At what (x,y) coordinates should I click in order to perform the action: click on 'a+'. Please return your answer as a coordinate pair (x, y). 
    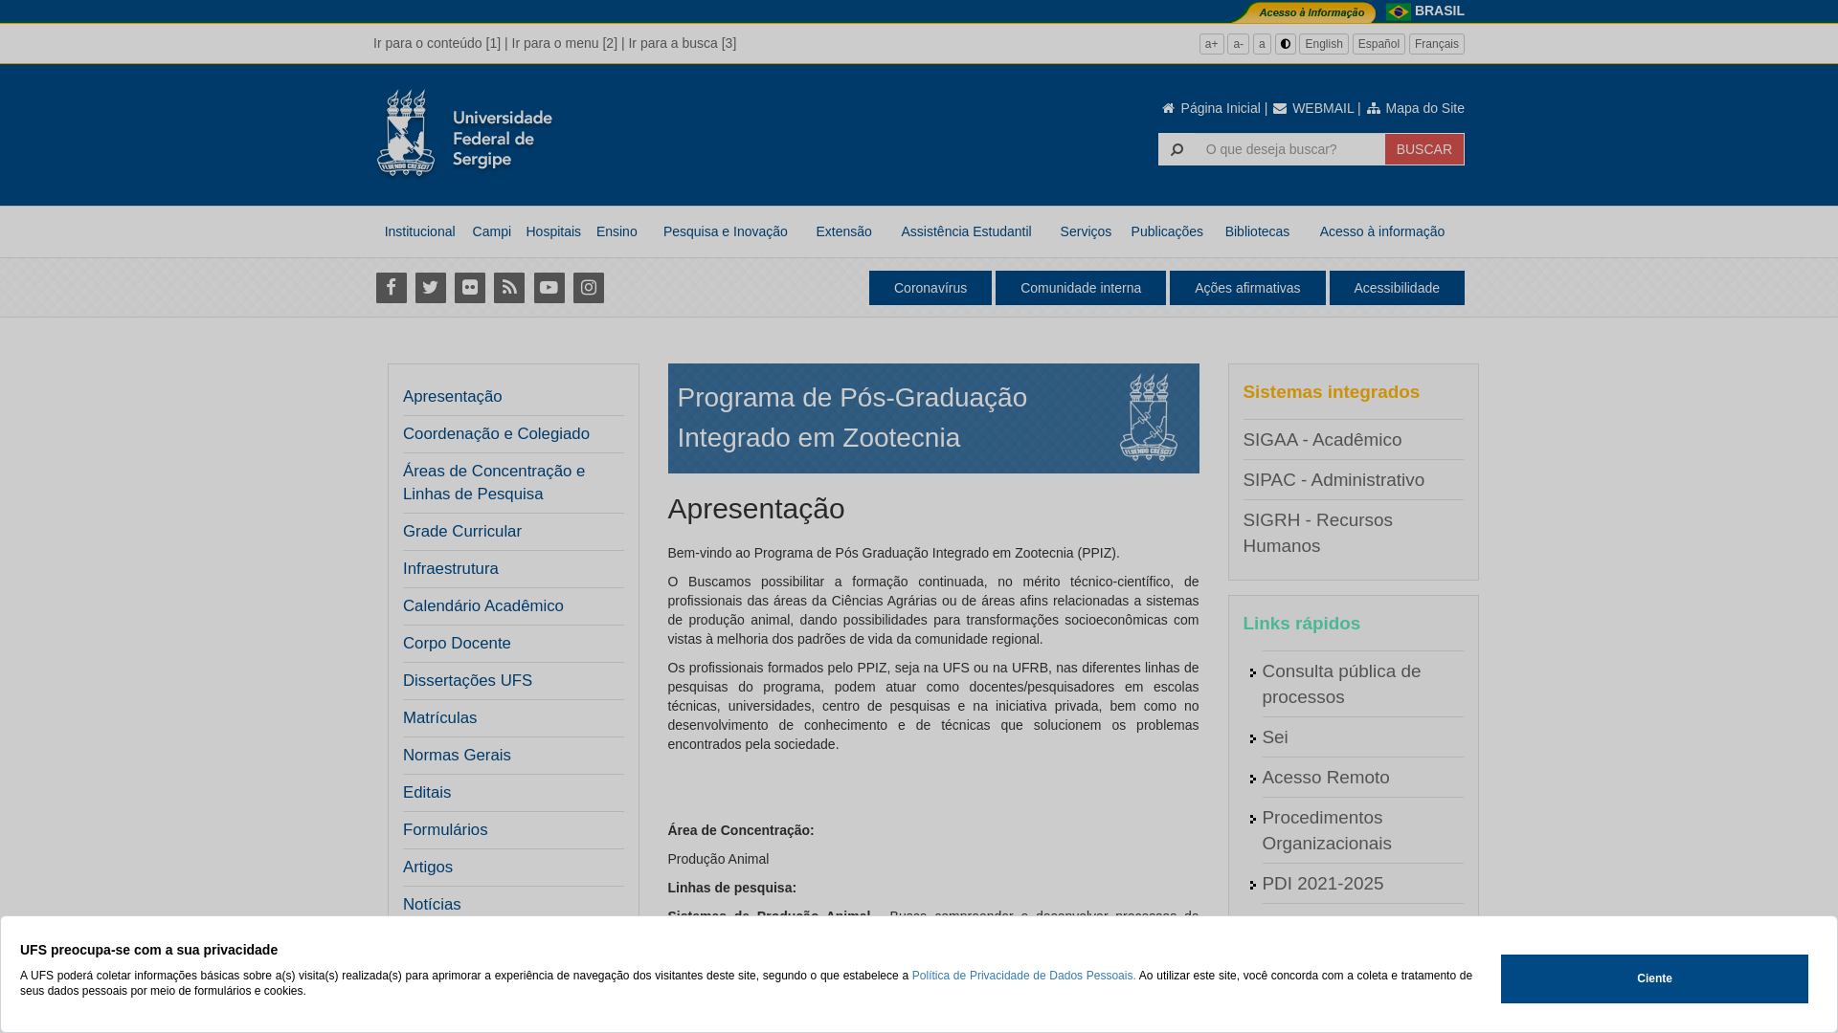
    Looking at the image, I should click on (1211, 43).